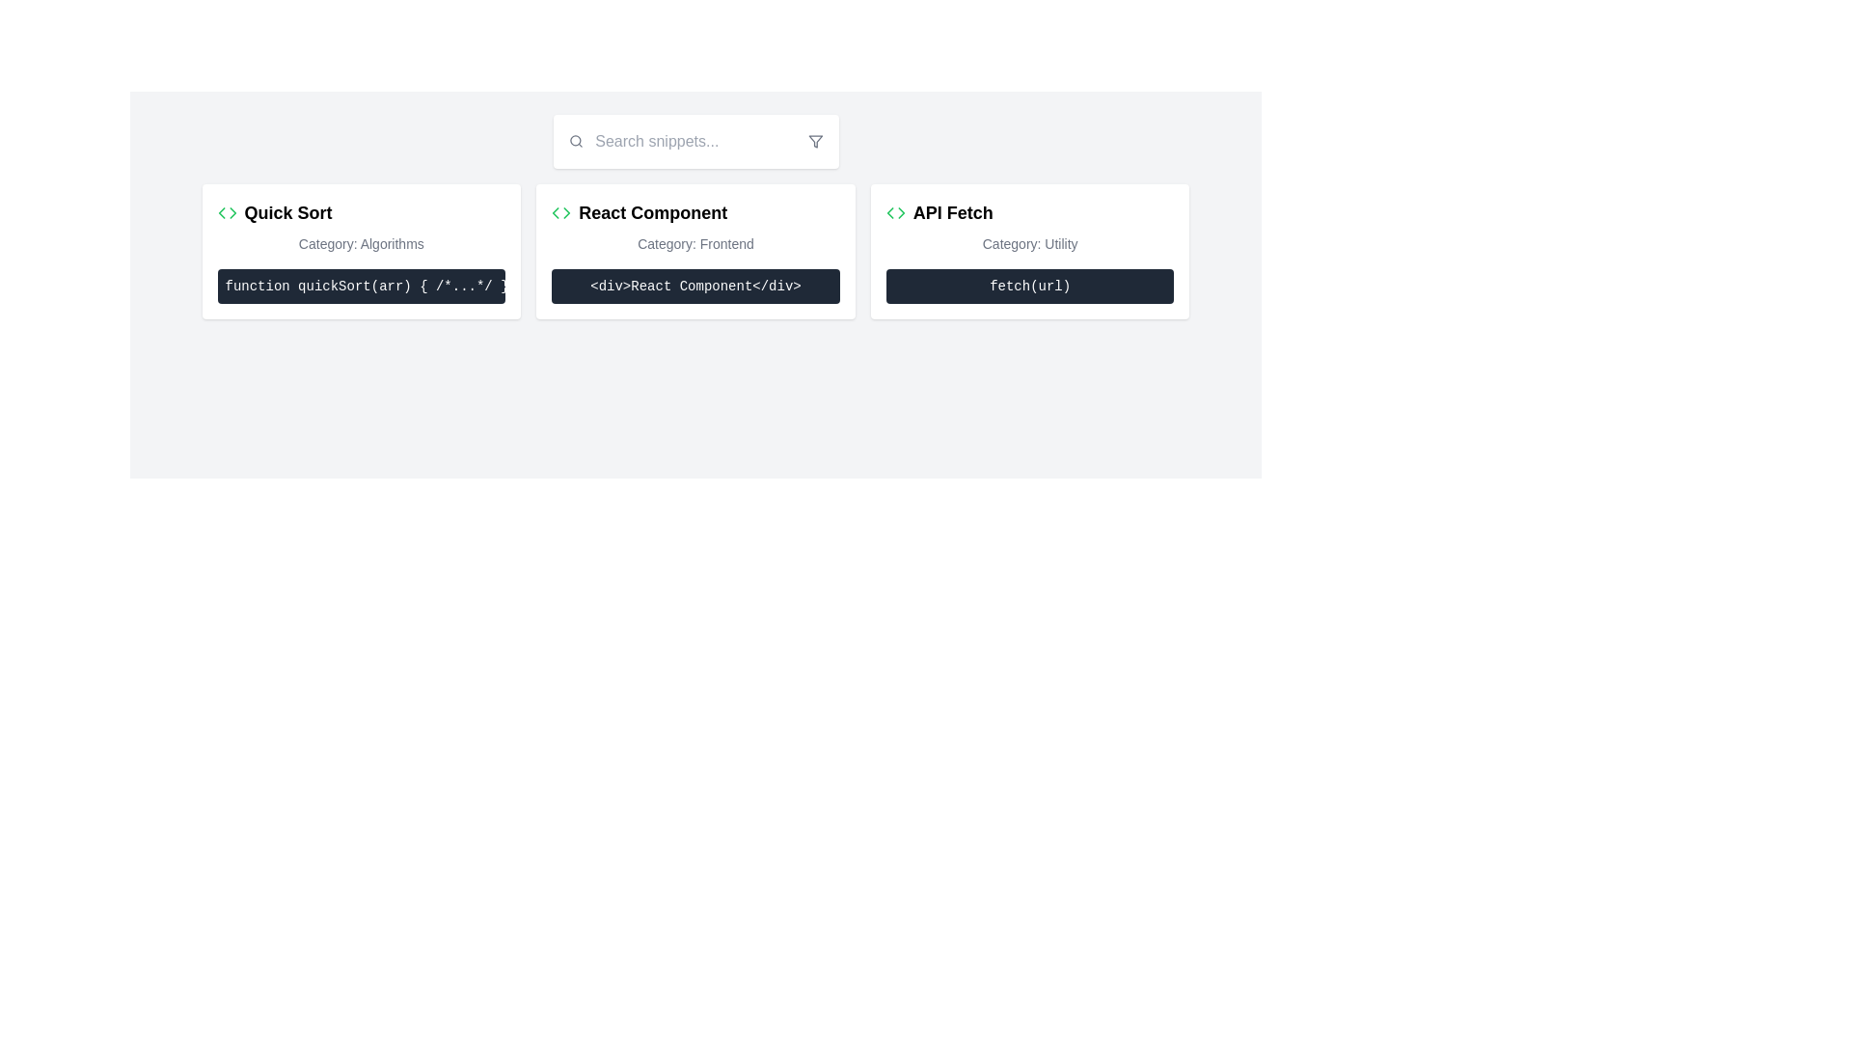  I want to click on the third card in the grid layout that showcases a functional snippet overview related to an API fetching utility, so click(1029, 251).